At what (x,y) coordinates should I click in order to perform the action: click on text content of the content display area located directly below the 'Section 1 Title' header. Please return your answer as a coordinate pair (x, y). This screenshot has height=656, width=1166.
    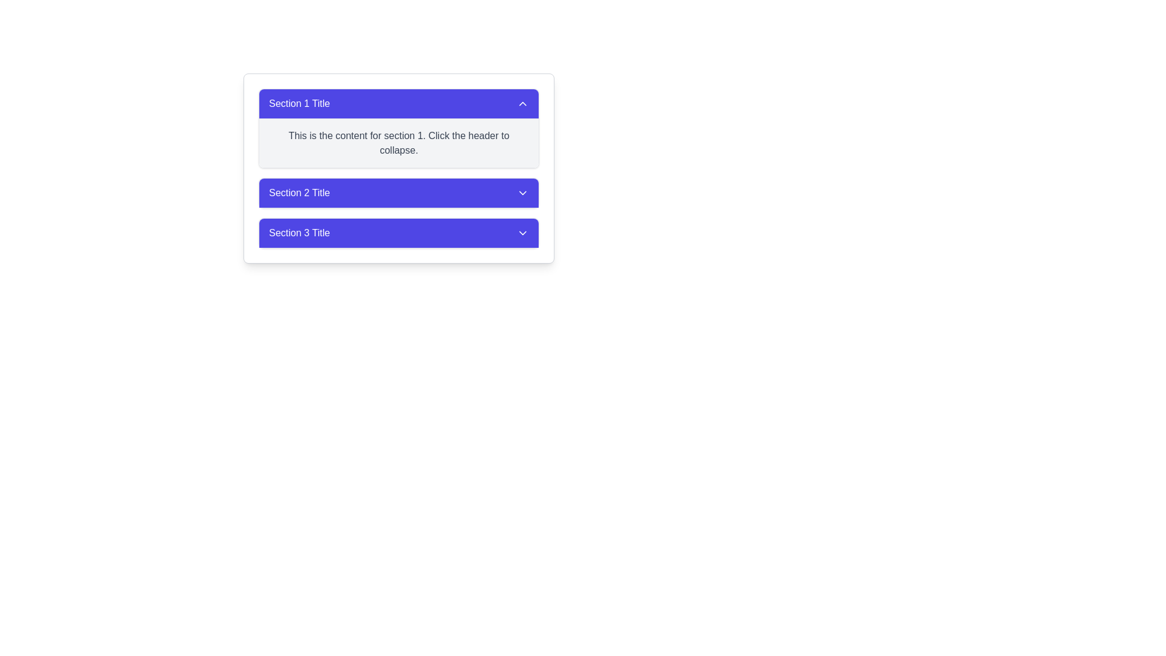
    Looking at the image, I should click on (399, 142).